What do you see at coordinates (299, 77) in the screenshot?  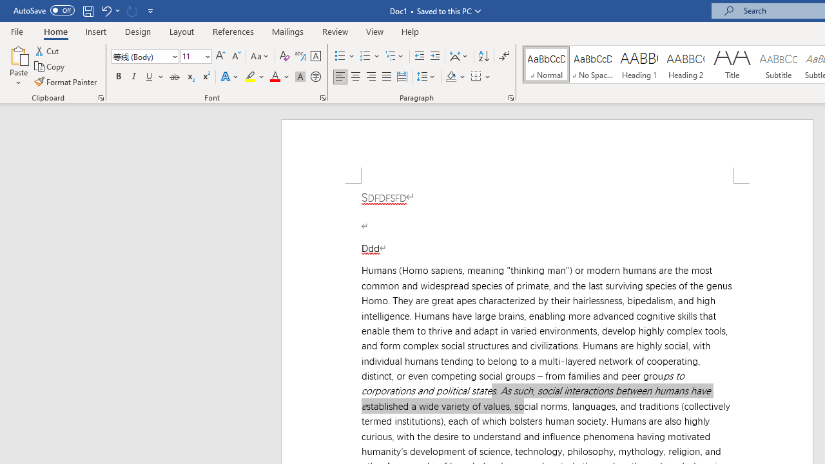 I see `'Character Shading'` at bounding box center [299, 77].